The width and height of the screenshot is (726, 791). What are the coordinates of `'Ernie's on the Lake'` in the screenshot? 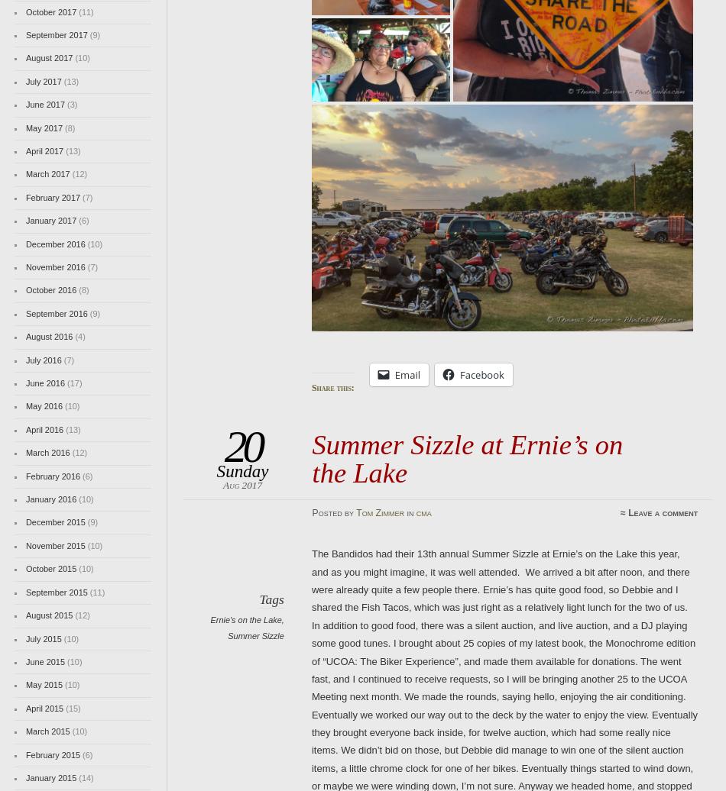 It's located at (245, 618).